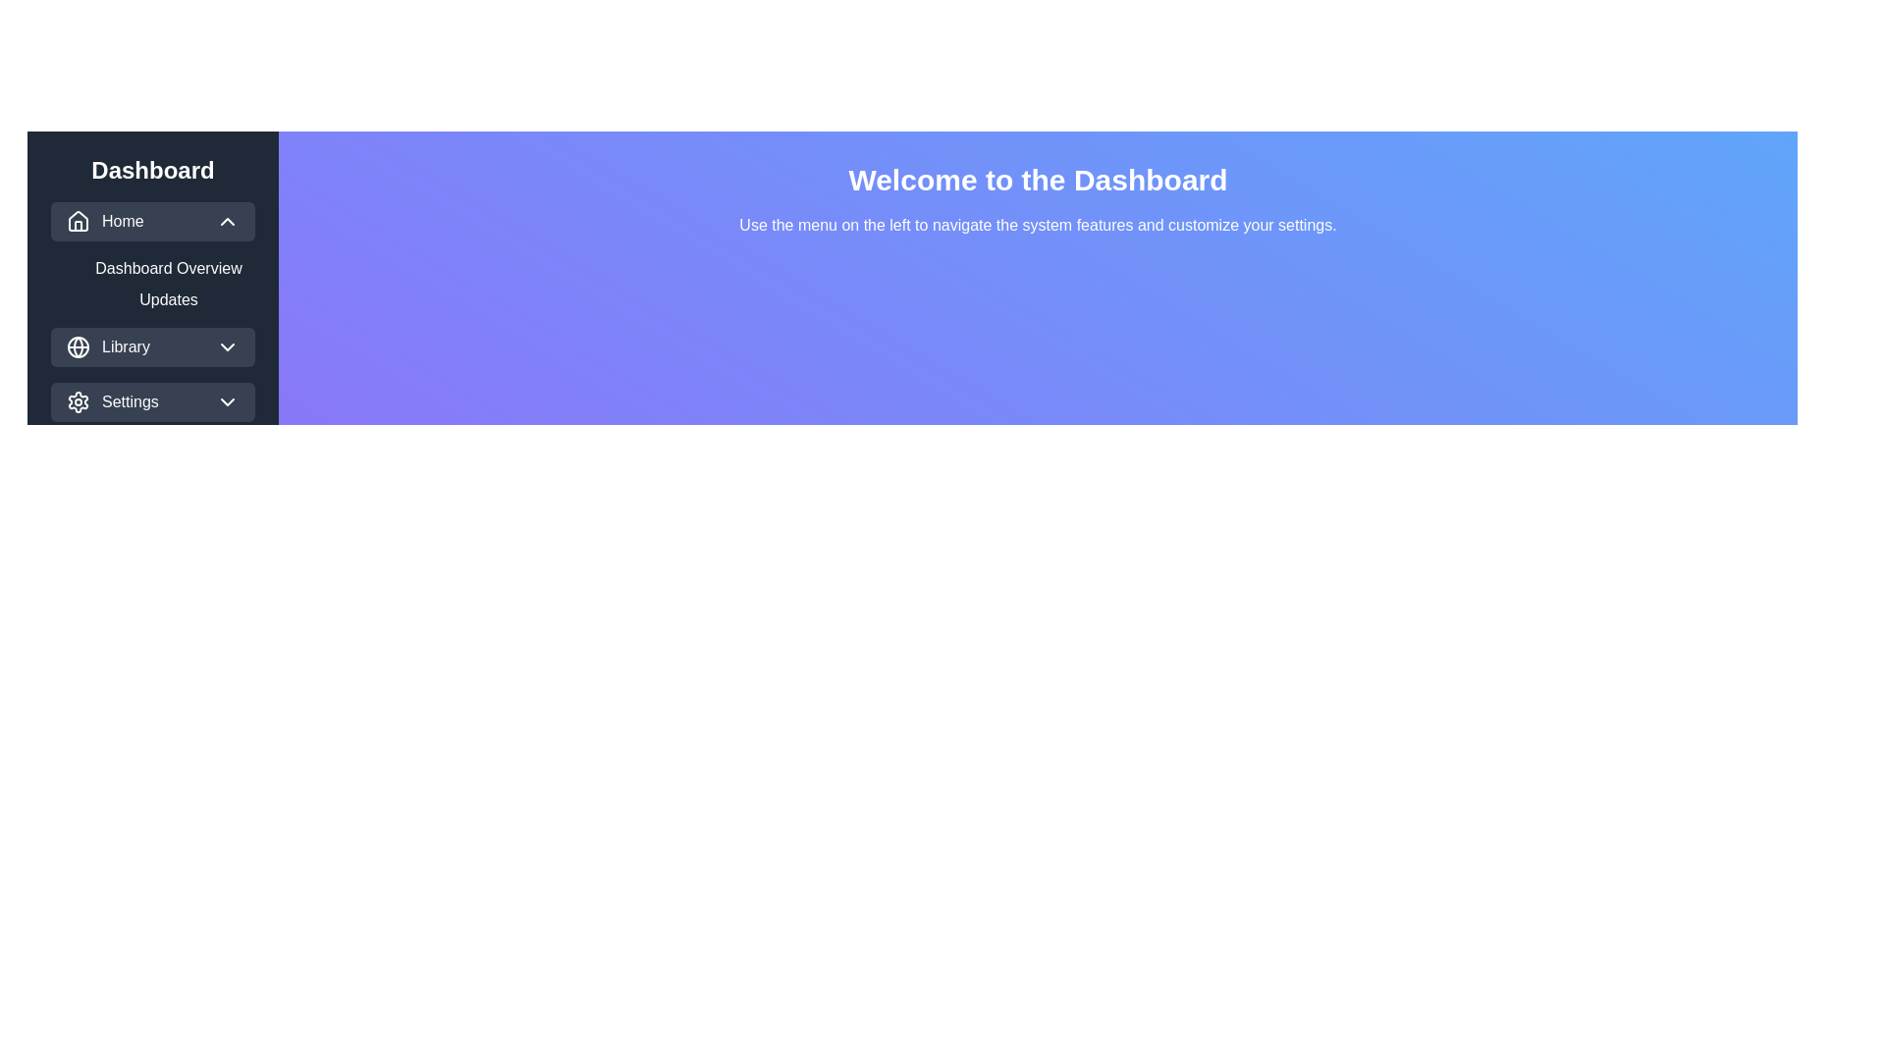 This screenshot has width=1885, height=1060. What do you see at coordinates (227, 400) in the screenshot?
I see `the downward-facing chevron icon with a white outline located to the right of the 'Settings' text in the fourth navigation item of the sidebar menu` at bounding box center [227, 400].